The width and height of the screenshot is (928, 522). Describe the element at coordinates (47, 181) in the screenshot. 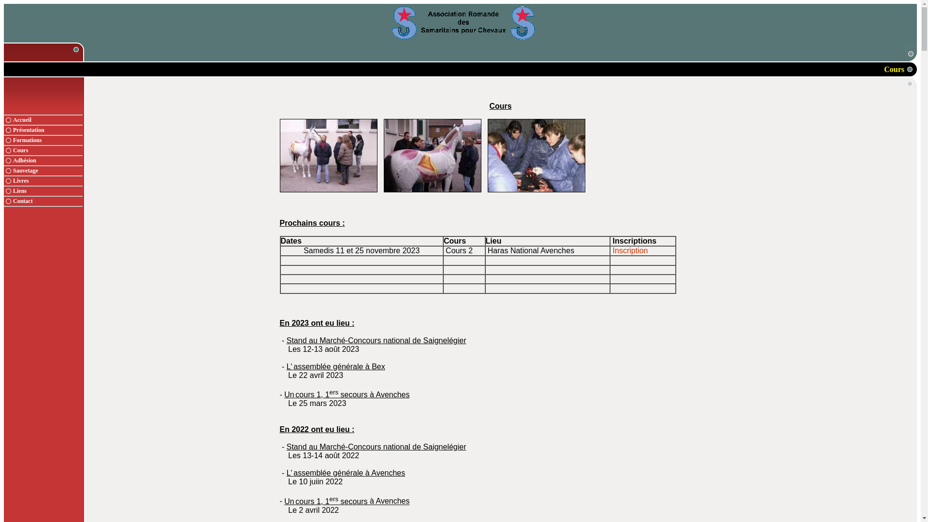

I see `'Livres'` at that location.